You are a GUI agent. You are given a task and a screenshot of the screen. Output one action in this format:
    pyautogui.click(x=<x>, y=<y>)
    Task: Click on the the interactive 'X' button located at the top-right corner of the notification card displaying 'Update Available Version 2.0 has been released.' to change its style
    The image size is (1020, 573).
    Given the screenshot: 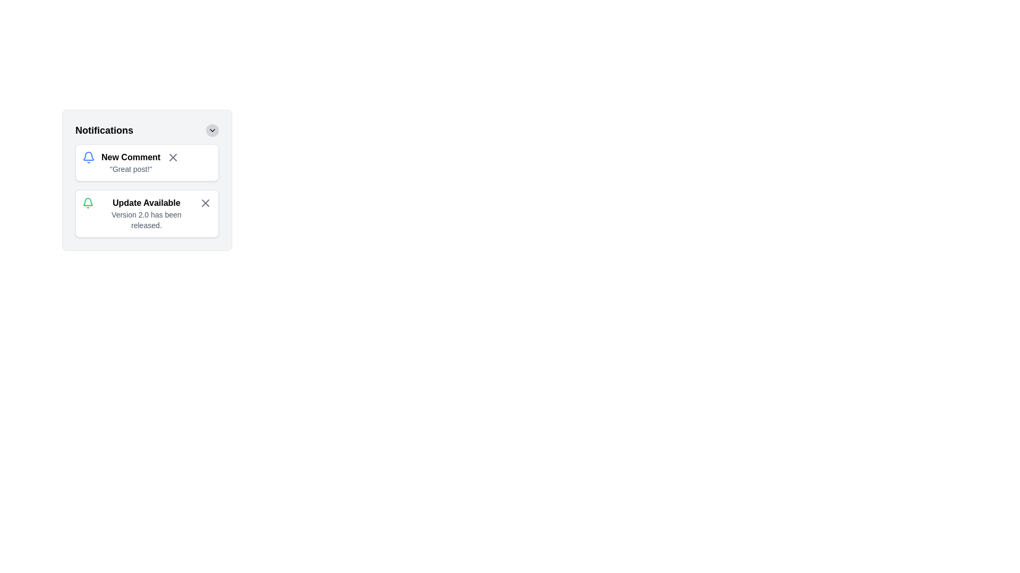 What is the action you would take?
    pyautogui.click(x=206, y=203)
    